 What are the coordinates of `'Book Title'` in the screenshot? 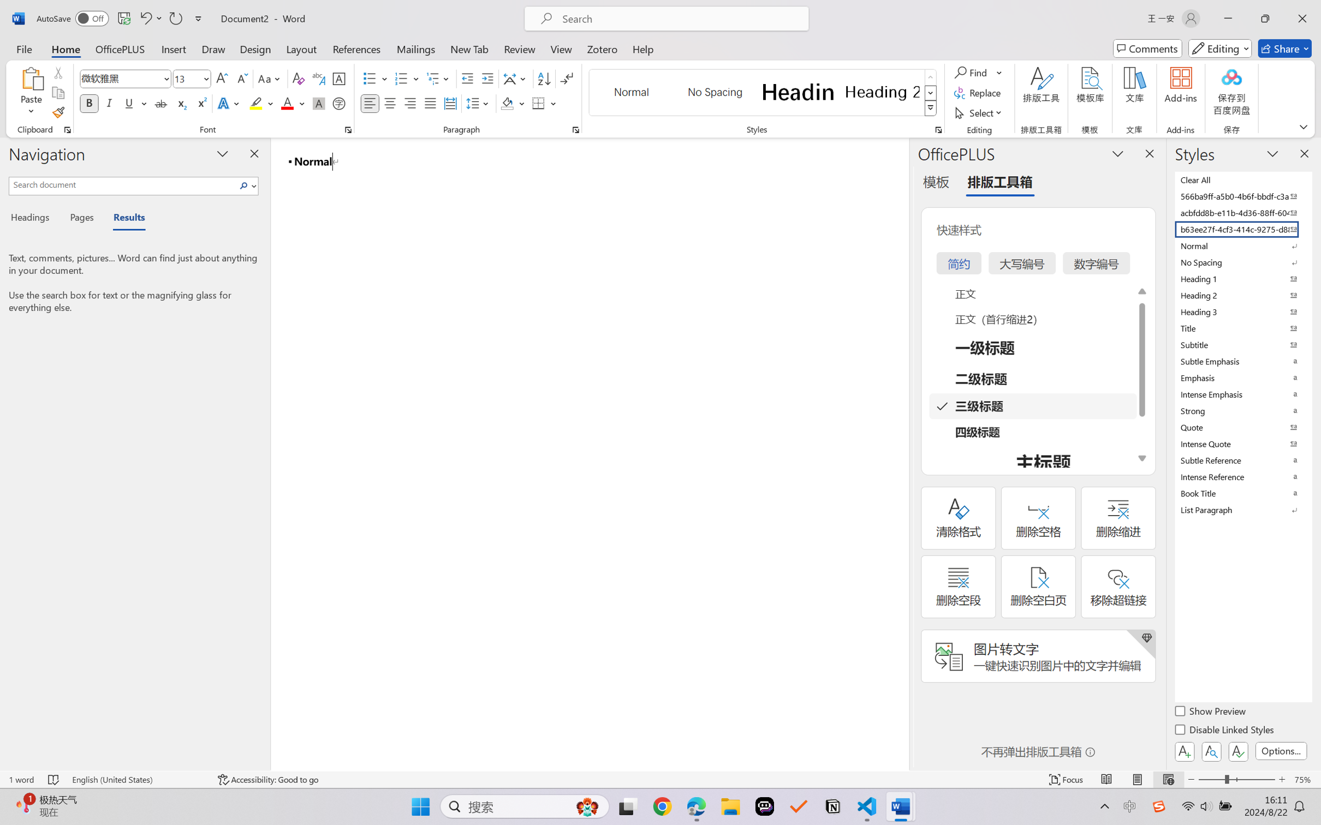 It's located at (1242, 492).